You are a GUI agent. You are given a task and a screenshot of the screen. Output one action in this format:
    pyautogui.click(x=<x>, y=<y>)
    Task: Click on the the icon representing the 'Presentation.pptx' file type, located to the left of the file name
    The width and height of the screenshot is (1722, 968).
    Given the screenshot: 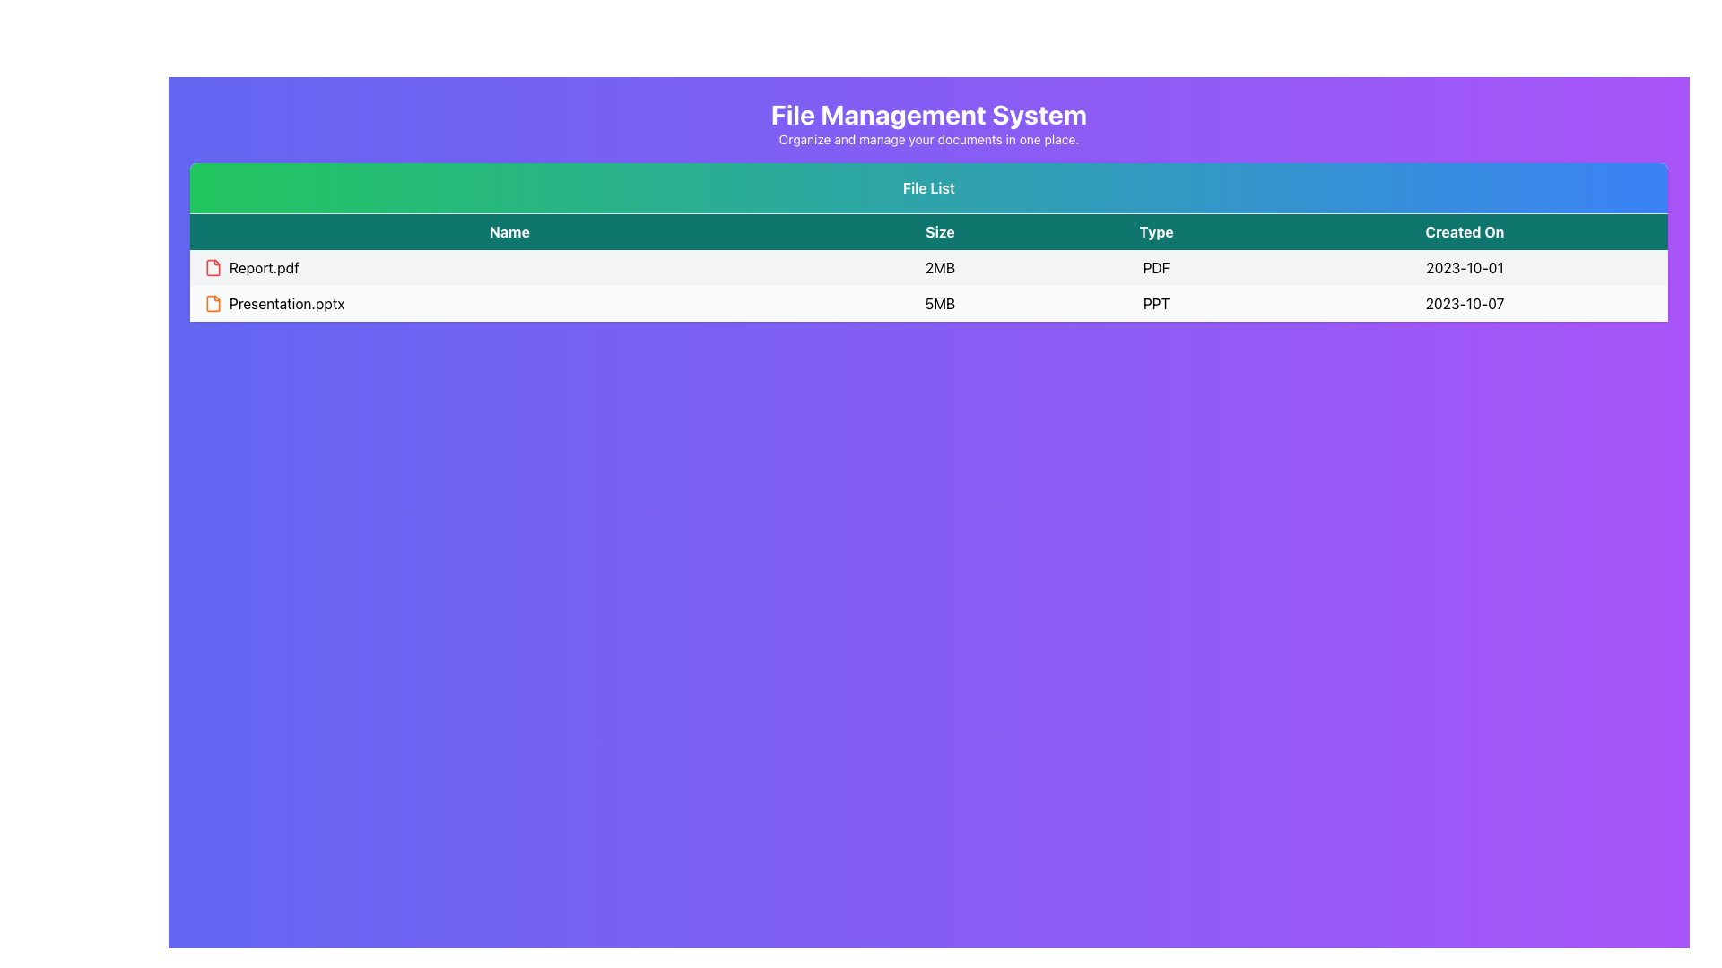 What is the action you would take?
    pyautogui.click(x=215, y=303)
    